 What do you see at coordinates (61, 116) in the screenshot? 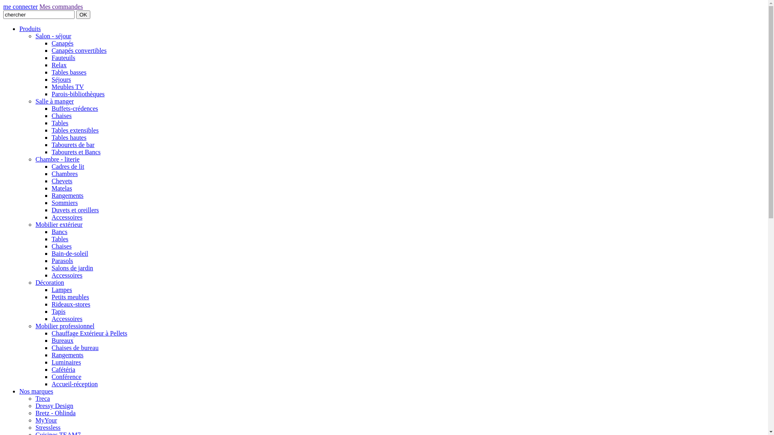
I see `'Chaises'` at bounding box center [61, 116].